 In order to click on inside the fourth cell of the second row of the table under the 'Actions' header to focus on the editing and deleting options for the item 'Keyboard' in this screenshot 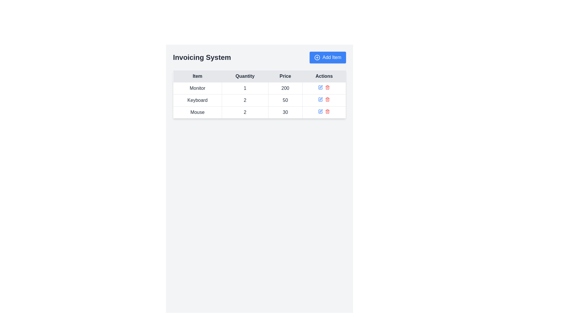, I will do `click(324, 100)`.